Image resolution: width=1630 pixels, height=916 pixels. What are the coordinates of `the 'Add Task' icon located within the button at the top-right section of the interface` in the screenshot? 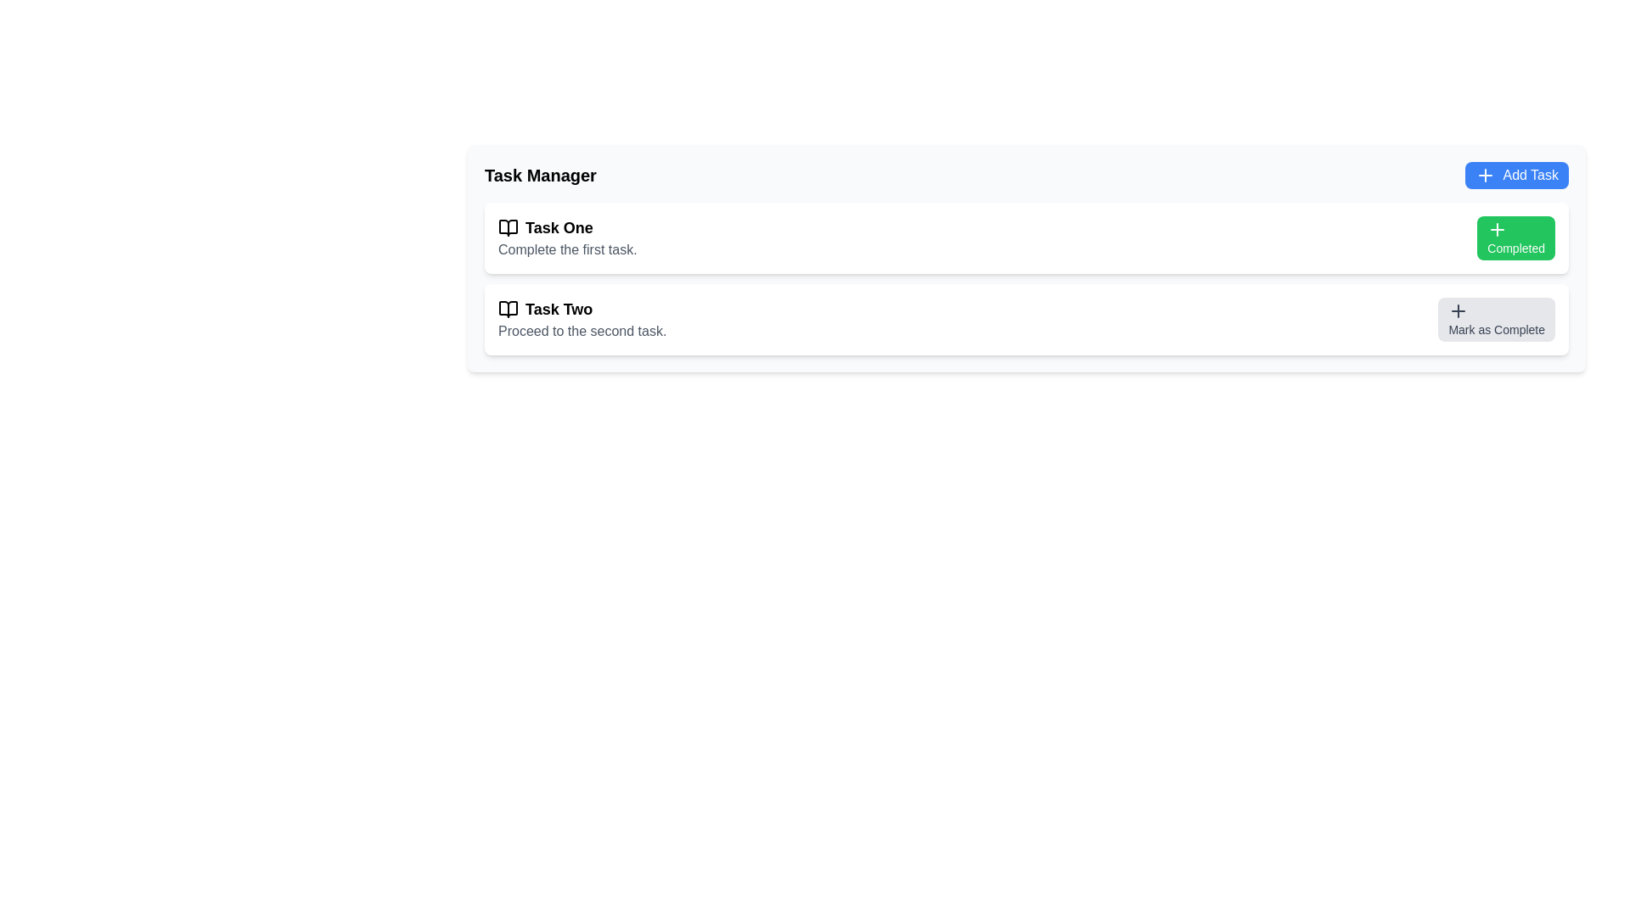 It's located at (1485, 176).